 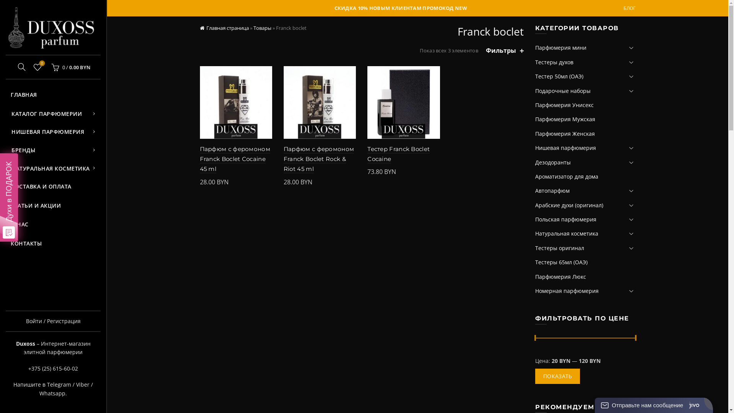 What do you see at coordinates (58, 384) in the screenshot?
I see `'Telegram'` at bounding box center [58, 384].